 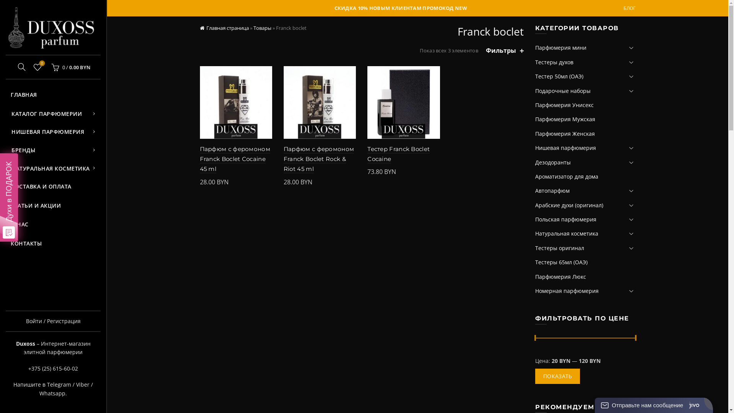 What do you see at coordinates (58, 384) in the screenshot?
I see `'Telegram'` at bounding box center [58, 384].